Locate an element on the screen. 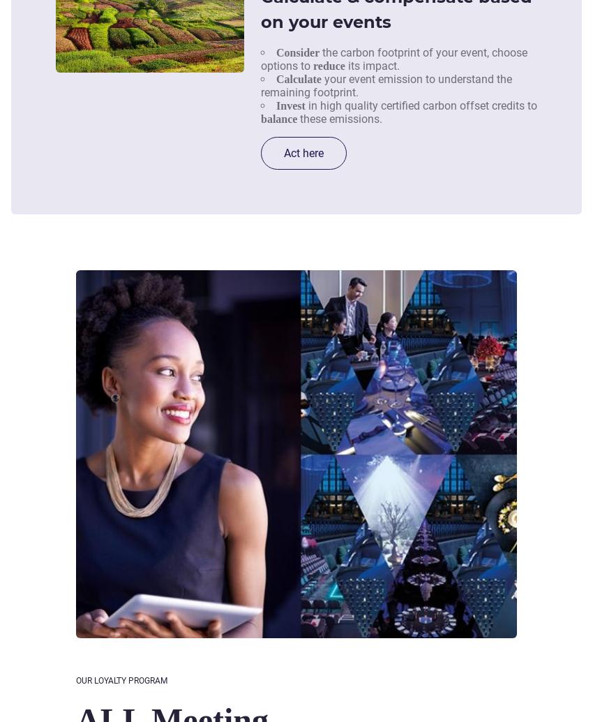 The image size is (593, 722). 'these emissions.' is located at coordinates (339, 118).